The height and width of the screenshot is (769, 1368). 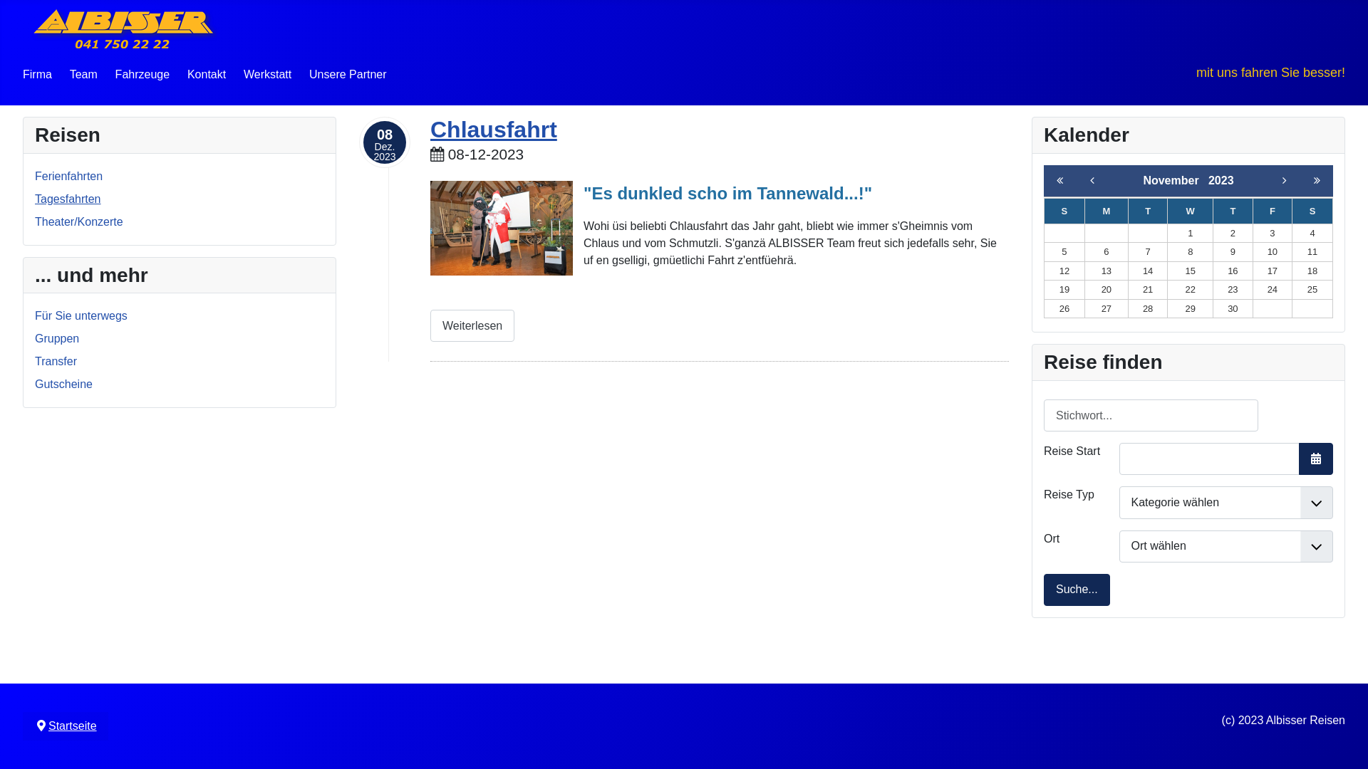 What do you see at coordinates (348, 74) in the screenshot?
I see `'Unsere Partner'` at bounding box center [348, 74].